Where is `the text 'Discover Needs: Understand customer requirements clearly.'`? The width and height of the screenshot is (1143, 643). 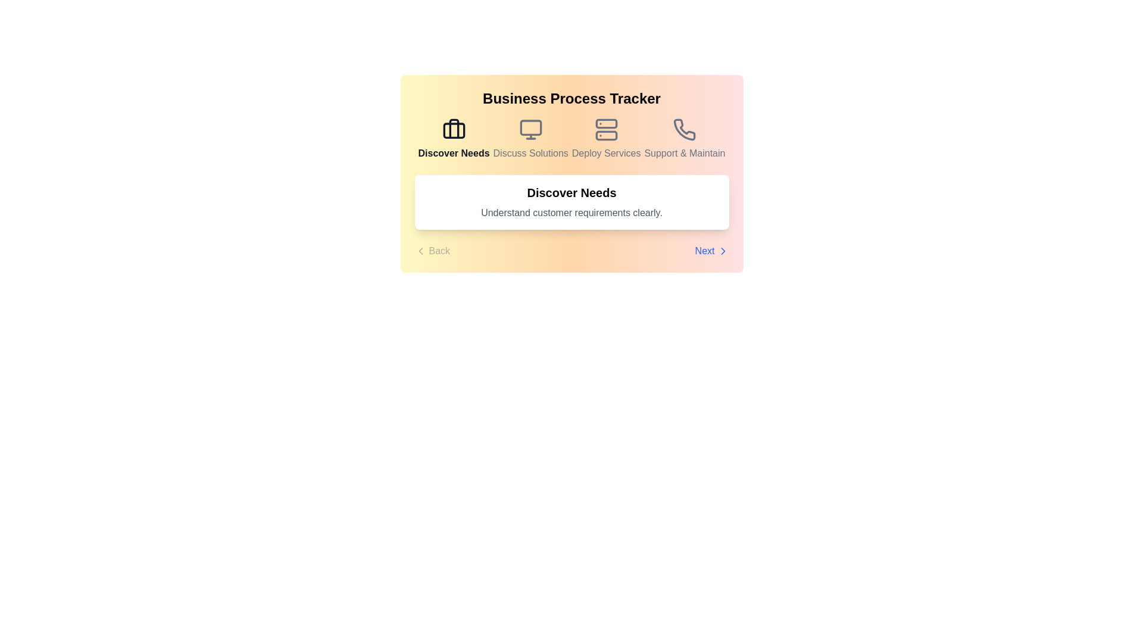
the text 'Discover Needs: Understand customer requirements clearly.' is located at coordinates (571, 201).